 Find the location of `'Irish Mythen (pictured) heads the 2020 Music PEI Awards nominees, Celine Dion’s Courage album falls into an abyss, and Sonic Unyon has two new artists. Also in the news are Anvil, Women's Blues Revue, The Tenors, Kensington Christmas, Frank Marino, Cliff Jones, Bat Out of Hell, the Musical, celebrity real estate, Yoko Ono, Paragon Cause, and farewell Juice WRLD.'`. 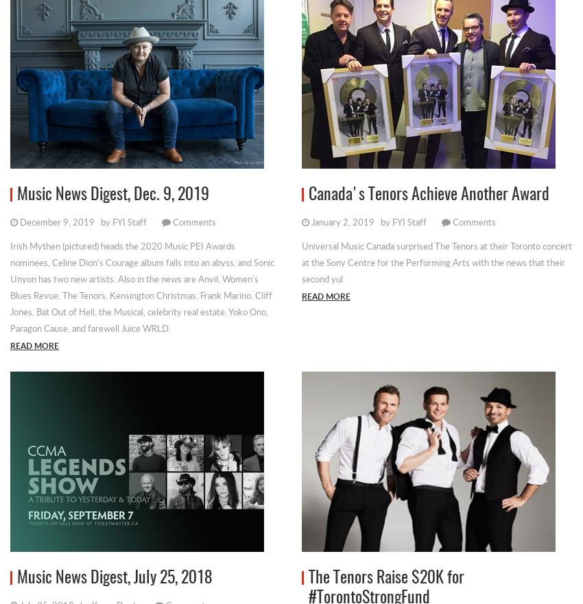

'Irish Mythen (pictured) heads the 2020 Music PEI Awards nominees, Celine Dion’s Courage album falls into an abyss, and Sonic Unyon has two new artists. Also in the news are Anvil, Women's Blues Revue, The Tenors, Kensington Christmas, Frank Marino, Cliff Jones, Bat Out of Hell, the Musical, celebrity real estate, Yoko Ono, Paragon Cause, and farewell Juice WRLD.' is located at coordinates (141, 286).